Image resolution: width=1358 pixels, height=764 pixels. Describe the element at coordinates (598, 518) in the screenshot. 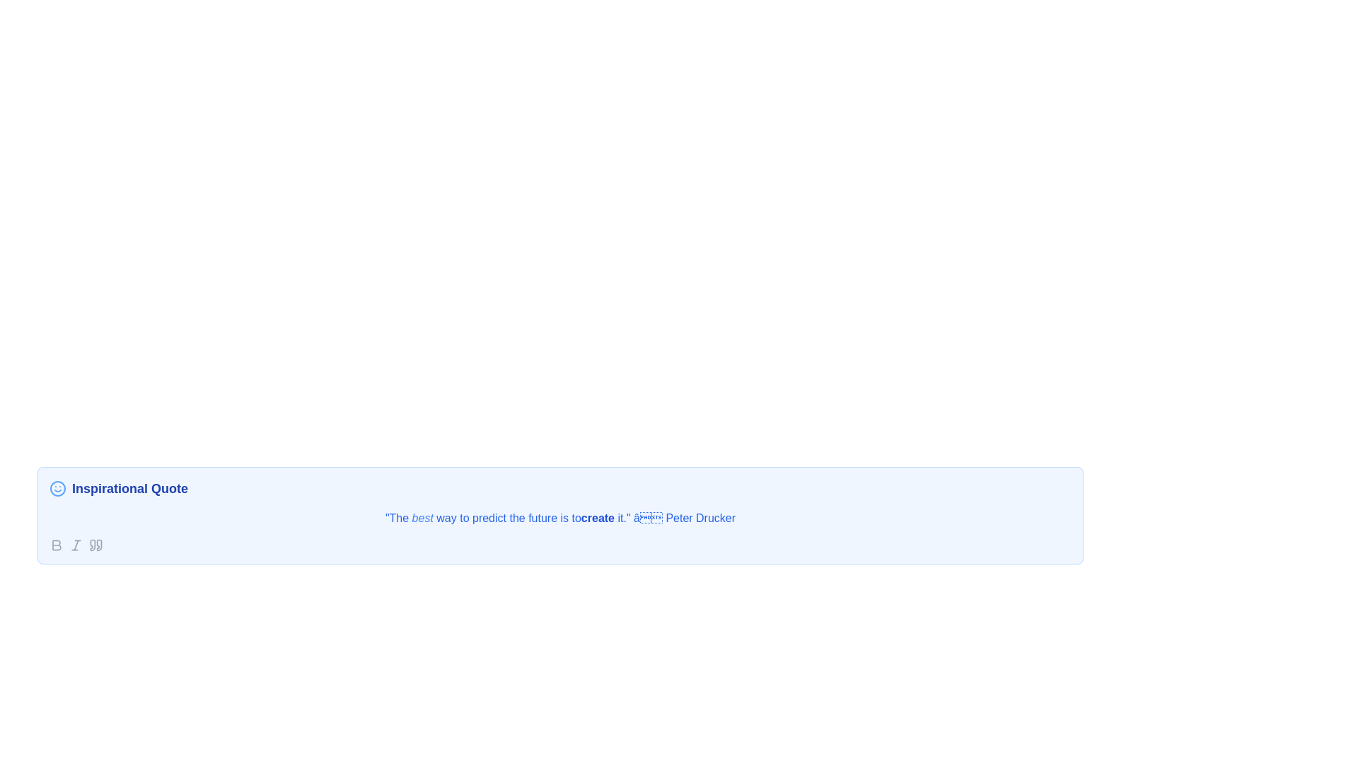

I see `the 8th word of the inspirational quote, which is styled in bold blue font and positioned near the right side of the quote section` at that location.